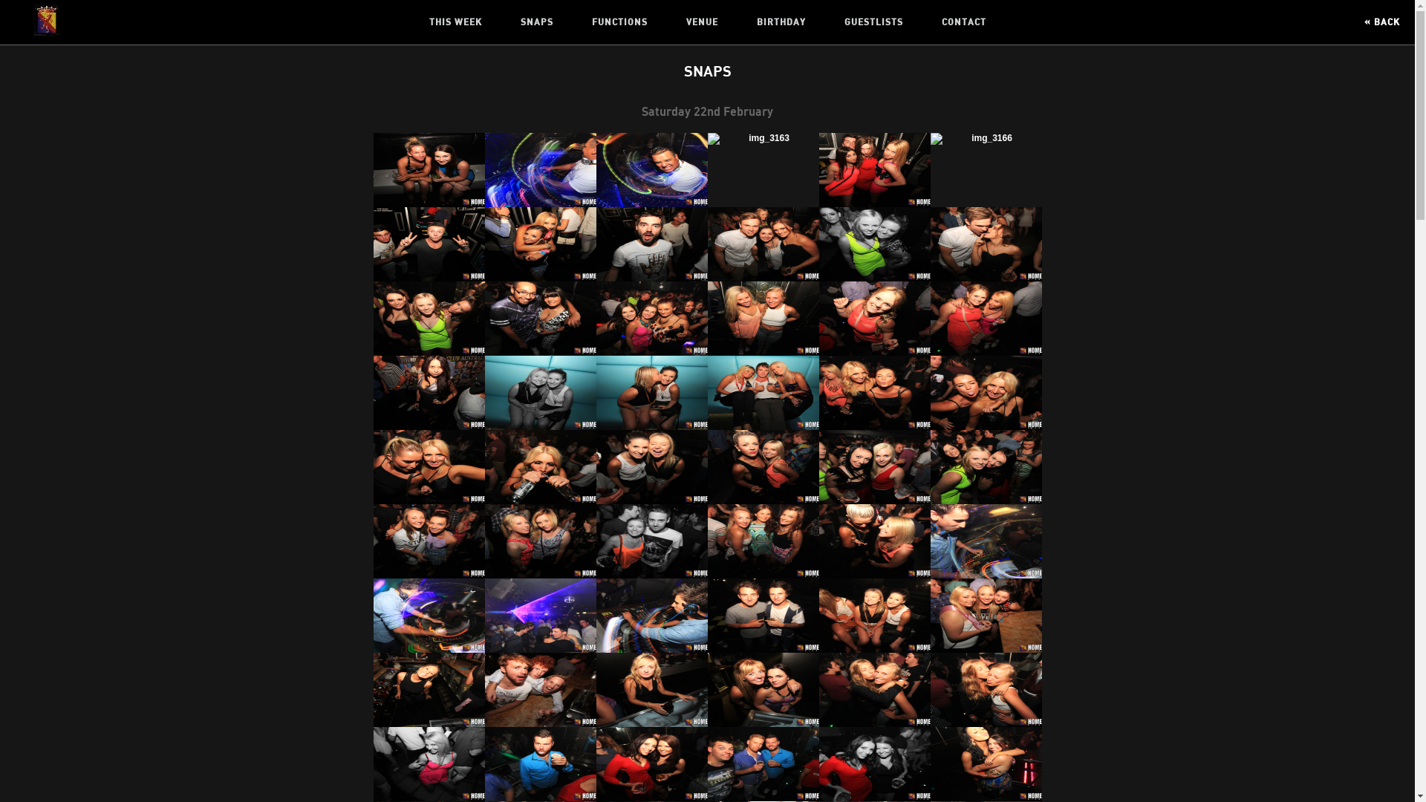 The width and height of the screenshot is (1426, 802). What do you see at coordinates (818, 317) in the screenshot?
I see `' '` at bounding box center [818, 317].